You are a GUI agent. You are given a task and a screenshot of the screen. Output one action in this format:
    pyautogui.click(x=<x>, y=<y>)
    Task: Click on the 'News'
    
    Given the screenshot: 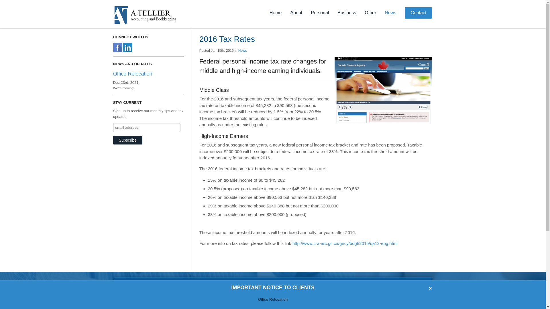 What is the action you would take?
    pyautogui.click(x=242, y=50)
    